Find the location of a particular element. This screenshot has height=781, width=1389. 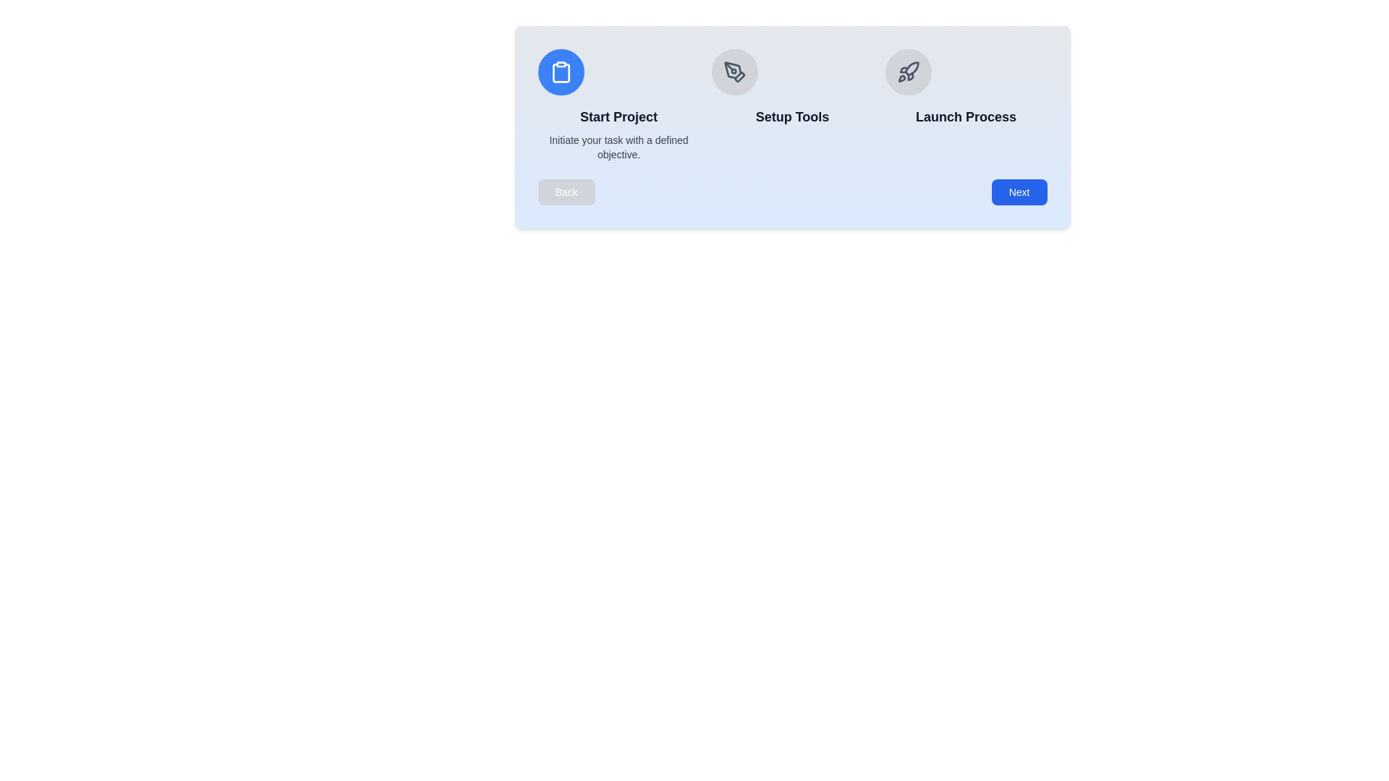

the button Back to observe its hover effect is located at coordinates (565, 192).